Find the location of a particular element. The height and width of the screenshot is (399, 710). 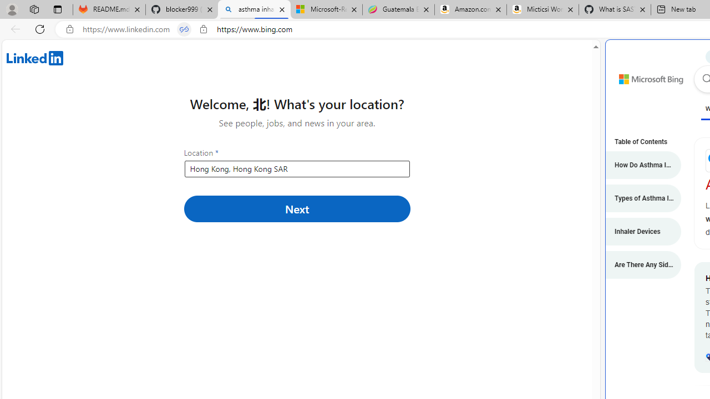

'Inhaler Devices' is located at coordinates (638, 231).